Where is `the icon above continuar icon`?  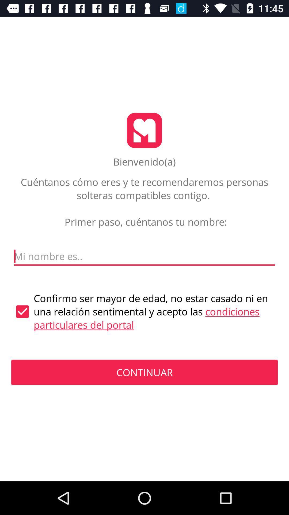
the icon above continuar icon is located at coordinates (144, 311).